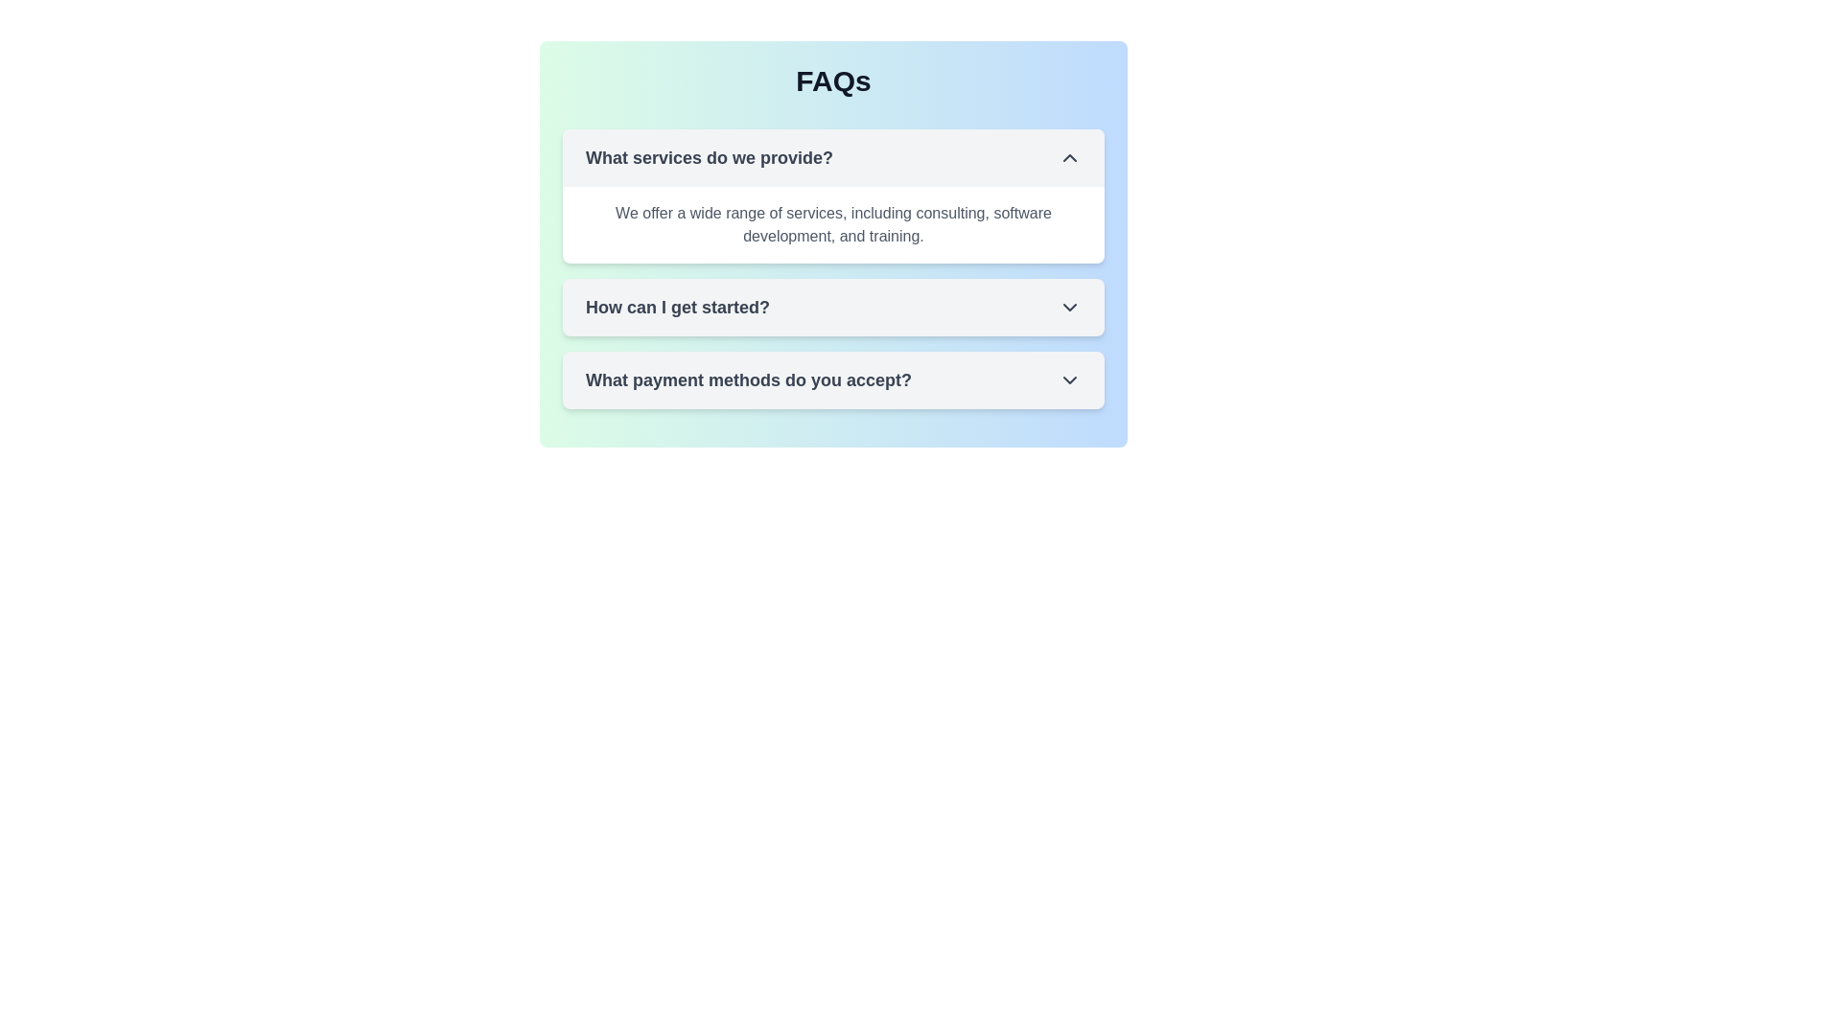 The image size is (1841, 1035). Describe the element at coordinates (833, 224) in the screenshot. I see `the descriptive text block that provides information about the services offered, located underneath the heading 'What services do we provide?'` at that location.